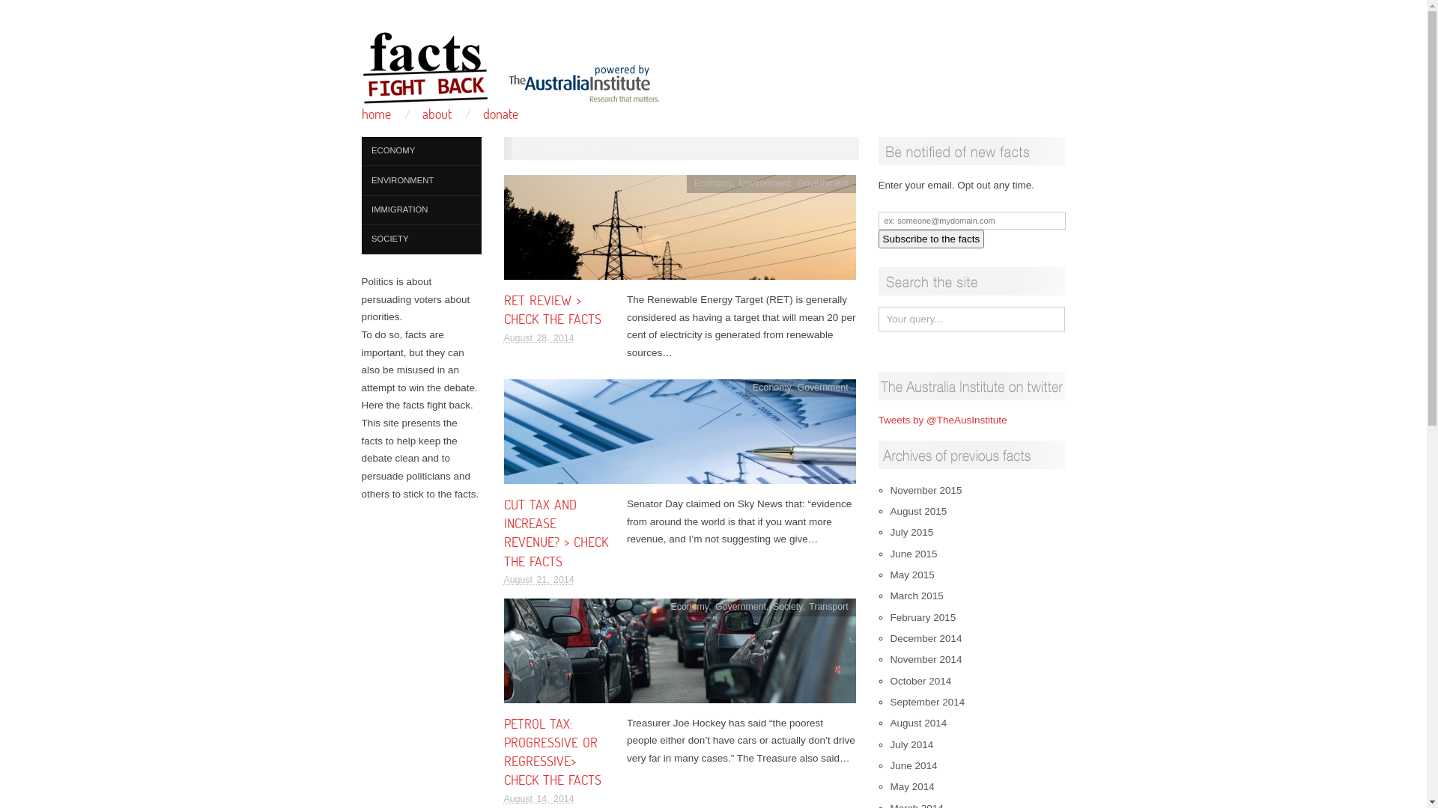  I want to click on 'donate', so click(500, 112).